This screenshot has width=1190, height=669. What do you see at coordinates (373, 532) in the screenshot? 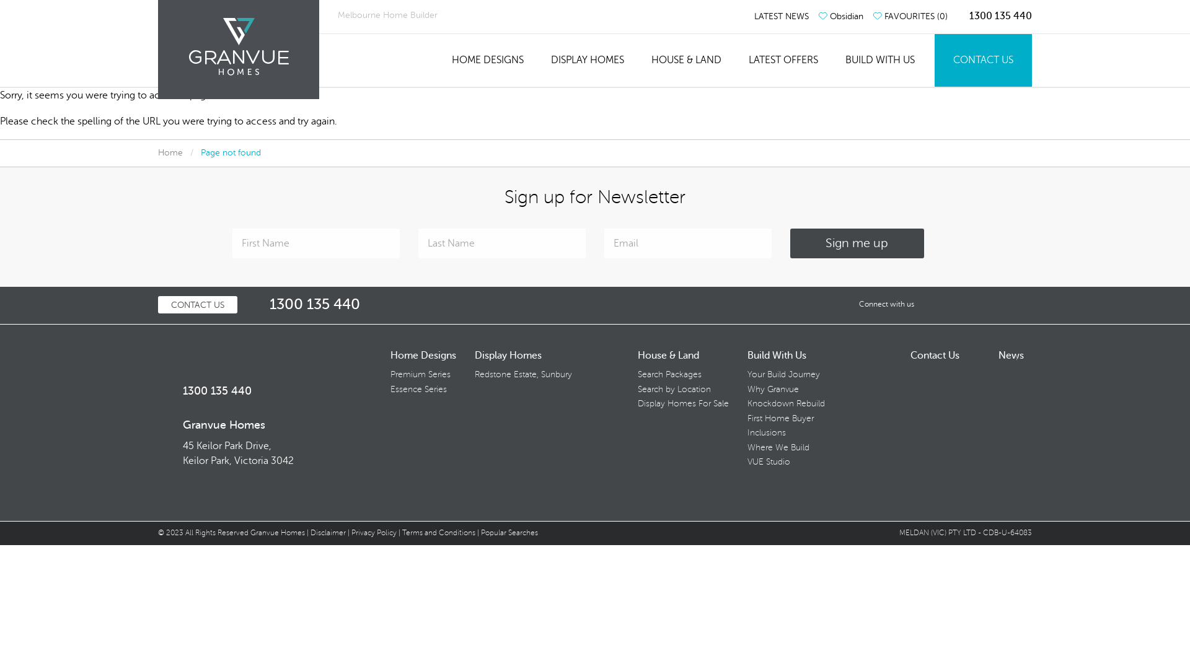
I see `'Privacy Policy'` at bounding box center [373, 532].